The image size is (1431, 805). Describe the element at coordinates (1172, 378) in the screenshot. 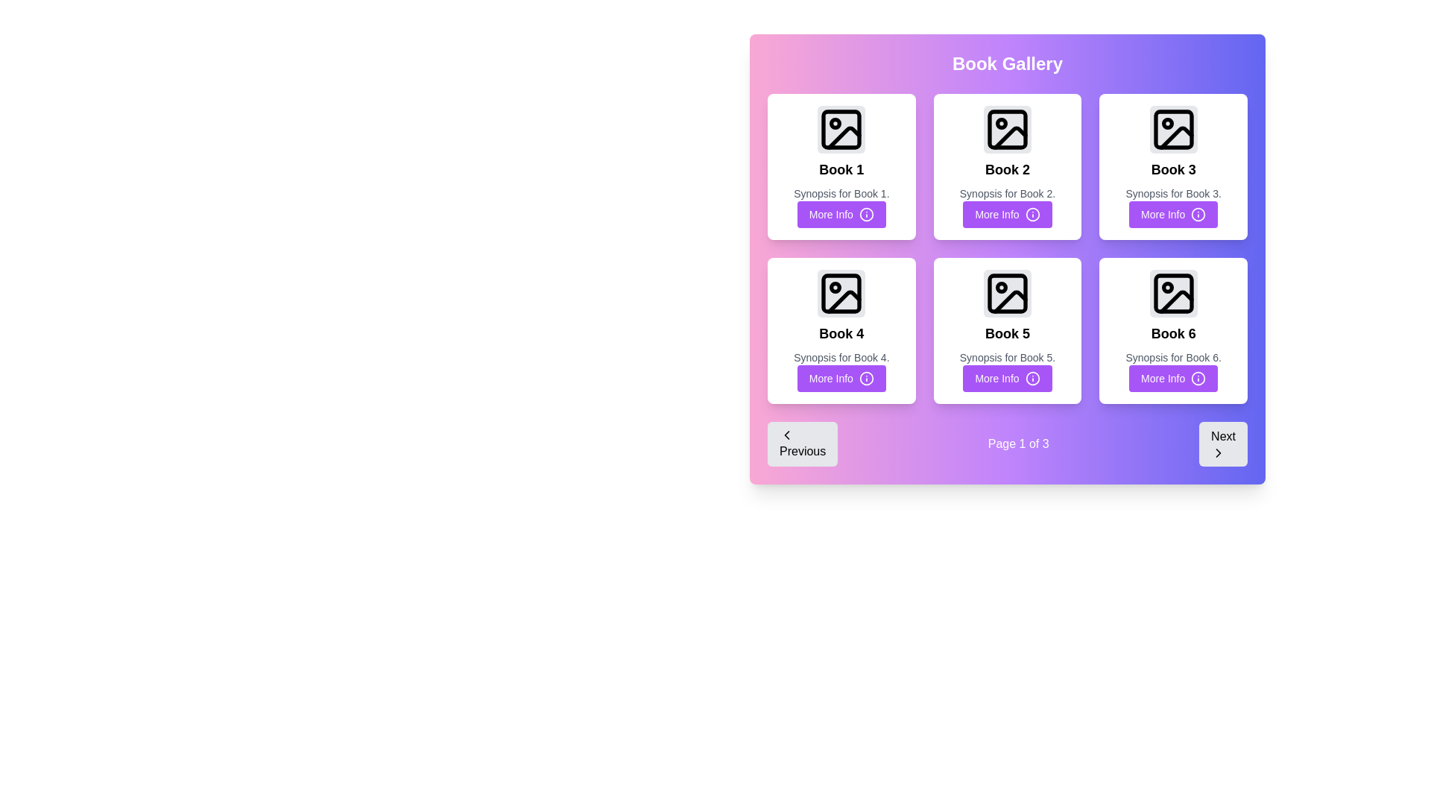

I see `the 'More Info' button located at the bottom of the 'Book 6' card, which features a purple background and white text` at that location.